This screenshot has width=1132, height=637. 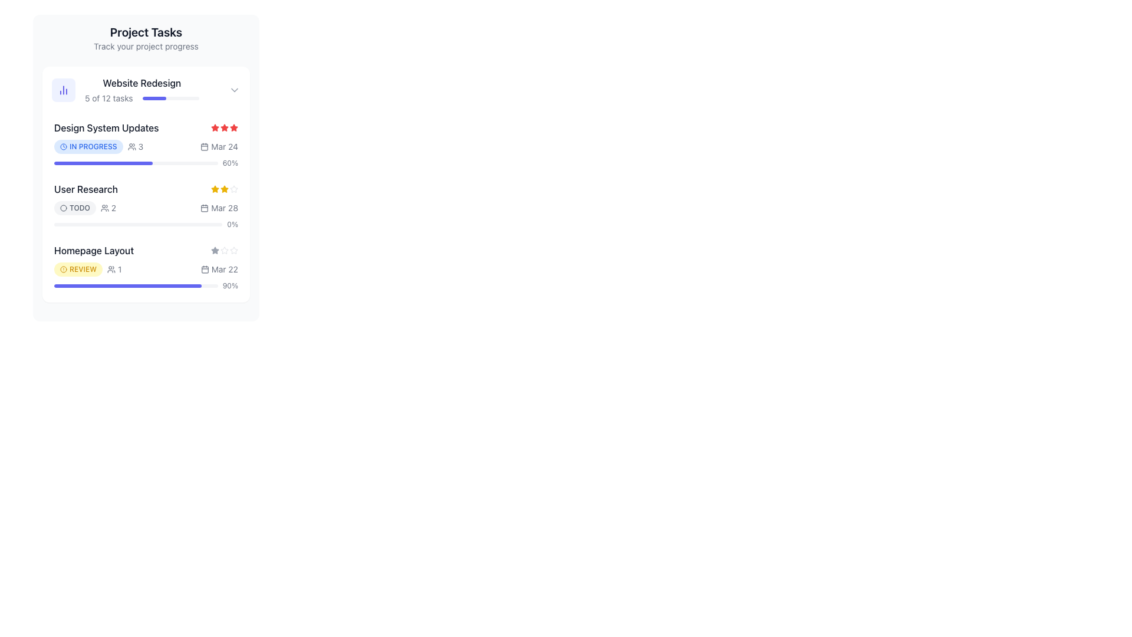 What do you see at coordinates (146, 163) in the screenshot?
I see `the progress bar representing the completion percentage of the 'Design System Updates' task in the project task panel` at bounding box center [146, 163].